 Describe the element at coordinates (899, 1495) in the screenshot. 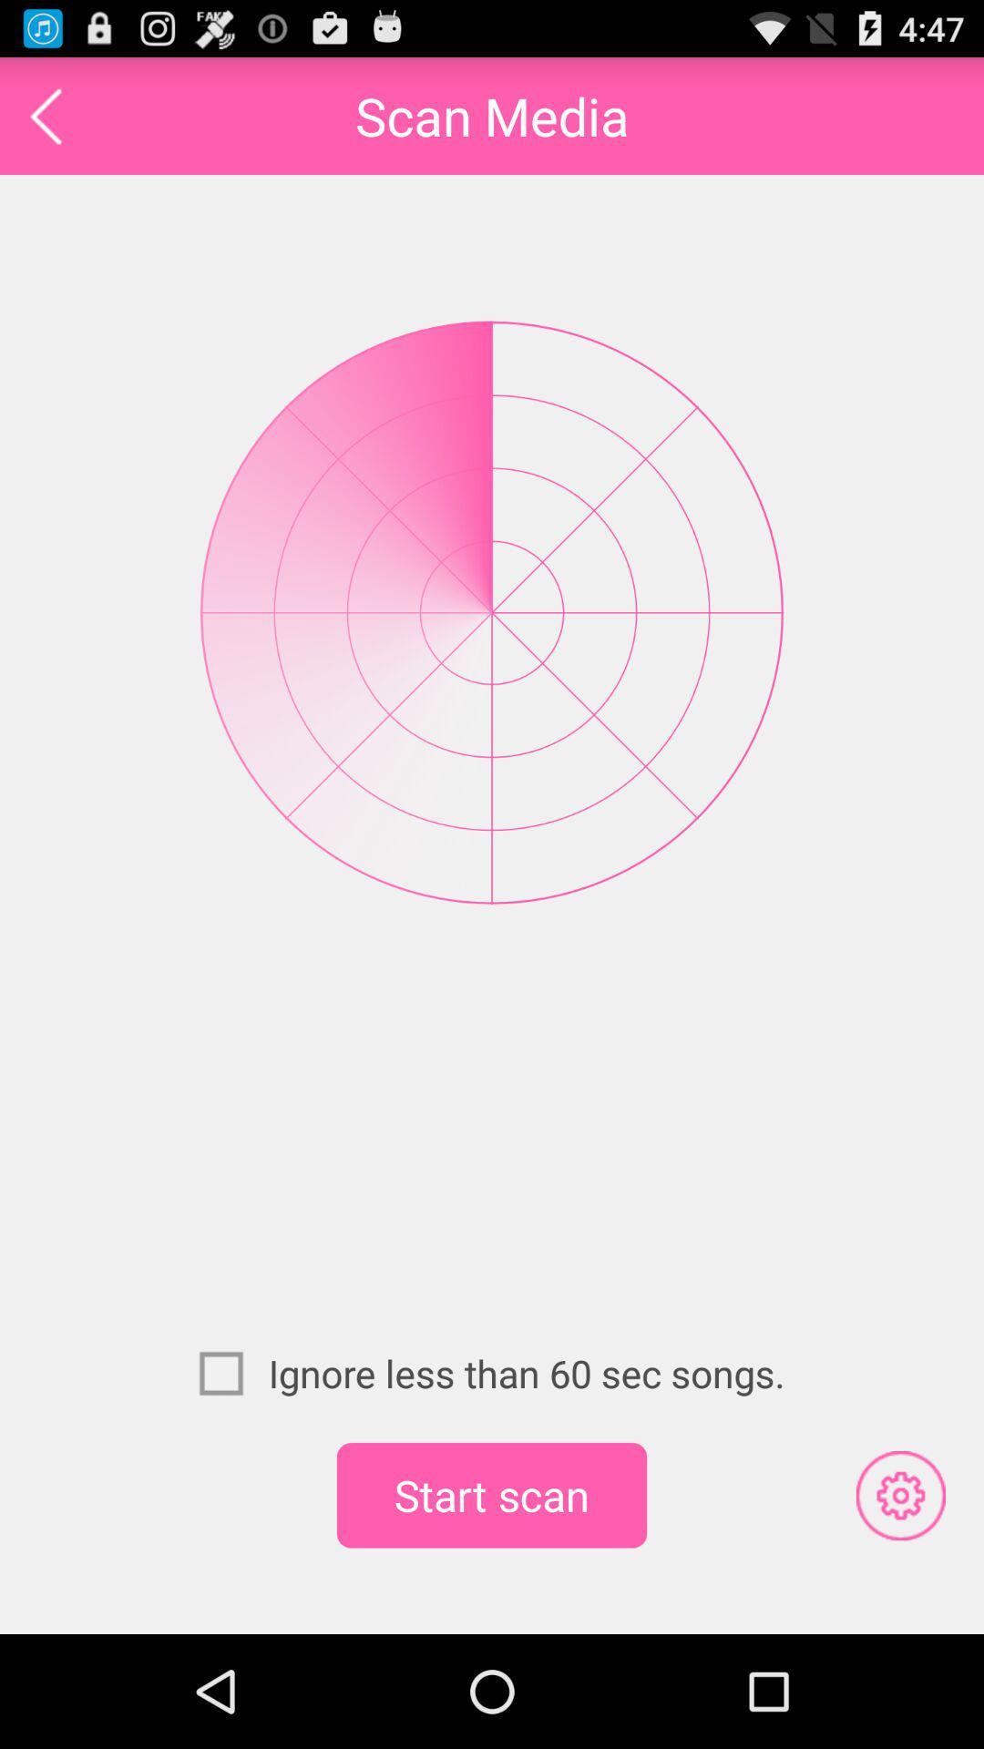

I see `the icon to the right of start scan app` at that location.